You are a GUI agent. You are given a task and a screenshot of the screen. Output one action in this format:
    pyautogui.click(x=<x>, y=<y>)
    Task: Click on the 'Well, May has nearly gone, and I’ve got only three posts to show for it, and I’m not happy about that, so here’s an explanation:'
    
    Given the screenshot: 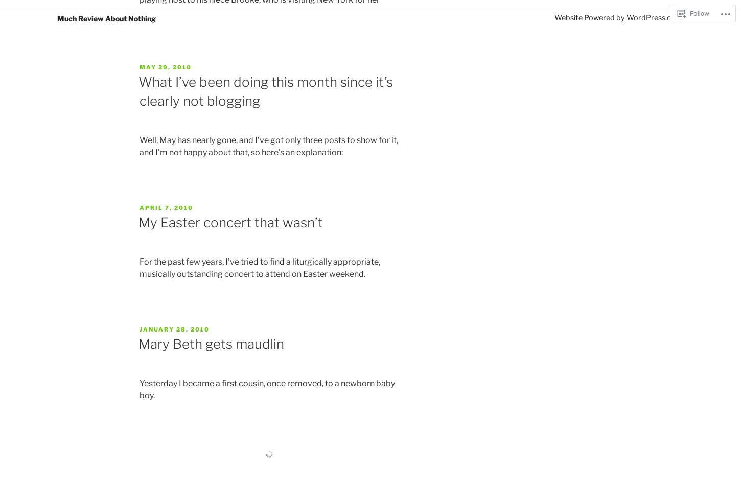 What is the action you would take?
    pyautogui.click(x=269, y=146)
    